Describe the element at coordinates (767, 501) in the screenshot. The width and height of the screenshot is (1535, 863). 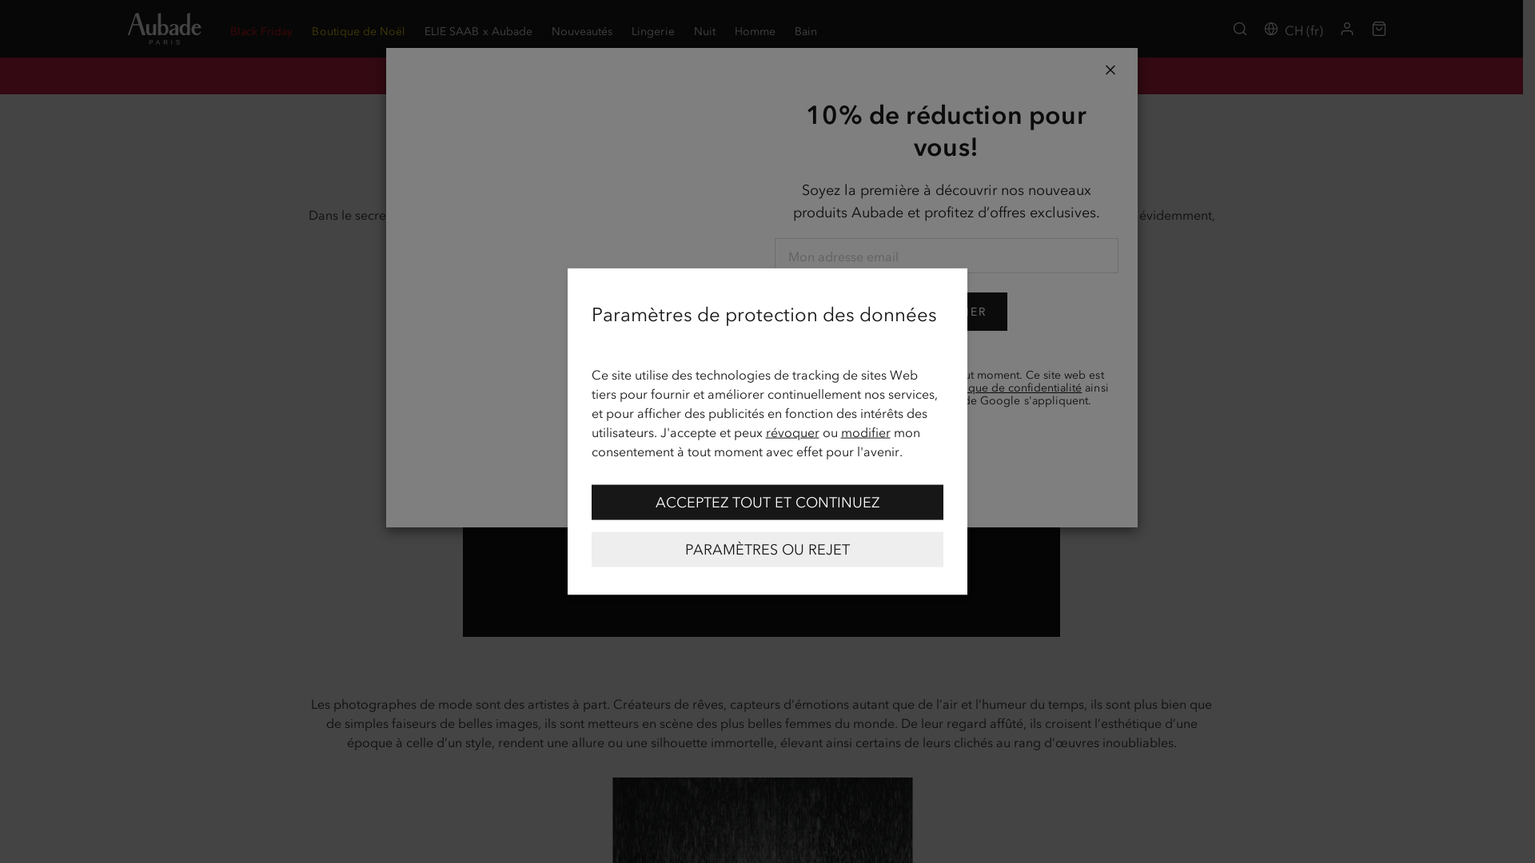
I see `'ACCEPTEZ TOUT ET CONTINUEZ'` at that location.